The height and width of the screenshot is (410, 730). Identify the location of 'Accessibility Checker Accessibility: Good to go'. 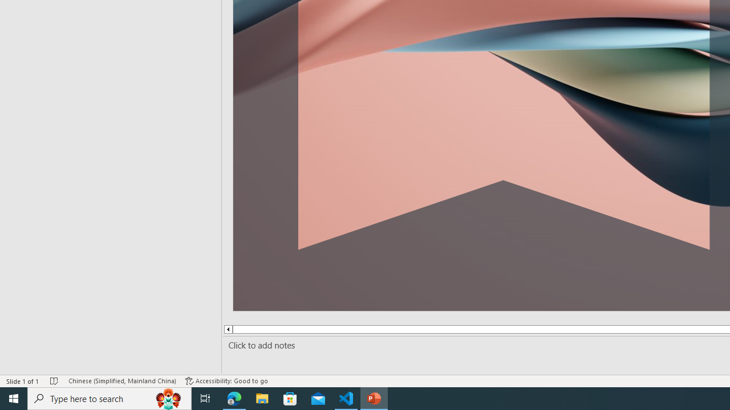
(226, 381).